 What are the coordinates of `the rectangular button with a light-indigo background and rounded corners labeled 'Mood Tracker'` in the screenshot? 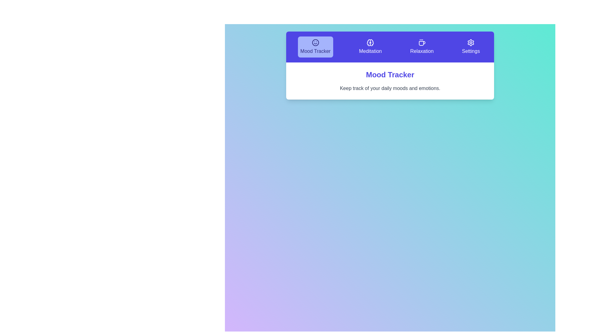 It's located at (315, 46).